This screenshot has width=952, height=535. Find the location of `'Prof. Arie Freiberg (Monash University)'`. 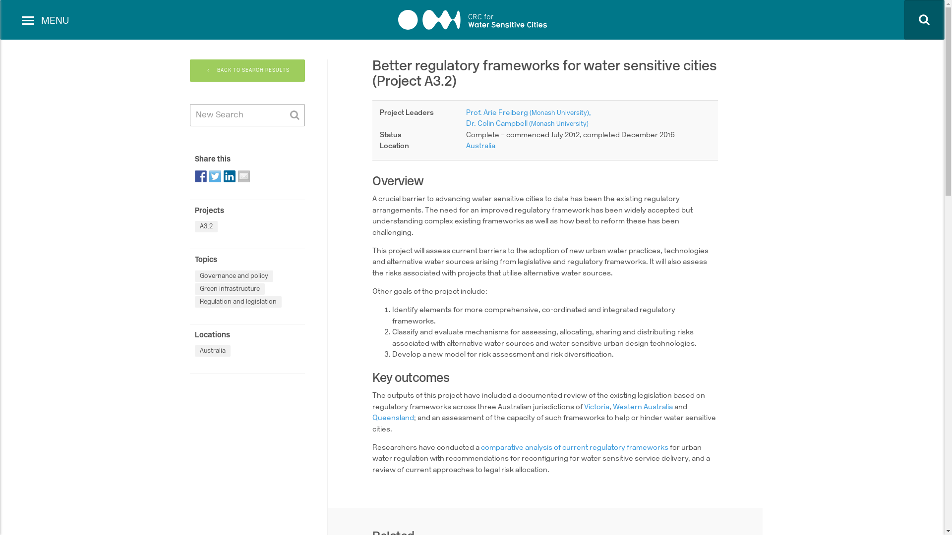

'Prof. Arie Freiberg (Monash University)' is located at coordinates (466, 112).